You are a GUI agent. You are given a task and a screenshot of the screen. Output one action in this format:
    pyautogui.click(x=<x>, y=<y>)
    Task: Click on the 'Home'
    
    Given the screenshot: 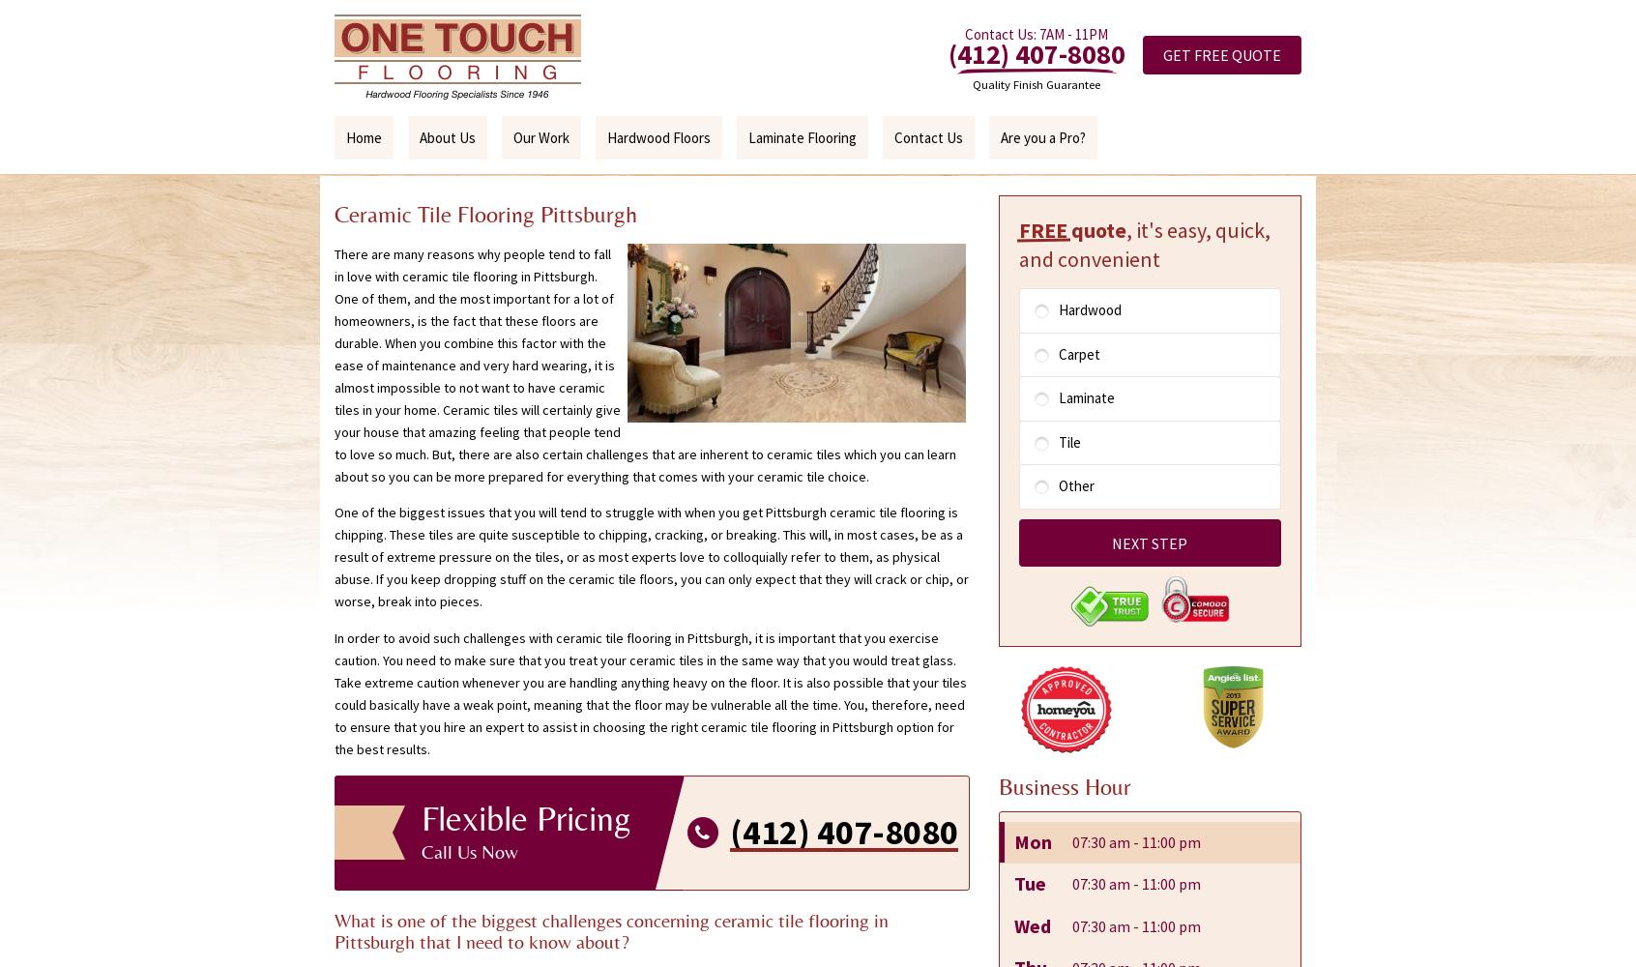 What is the action you would take?
    pyautogui.click(x=364, y=137)
    